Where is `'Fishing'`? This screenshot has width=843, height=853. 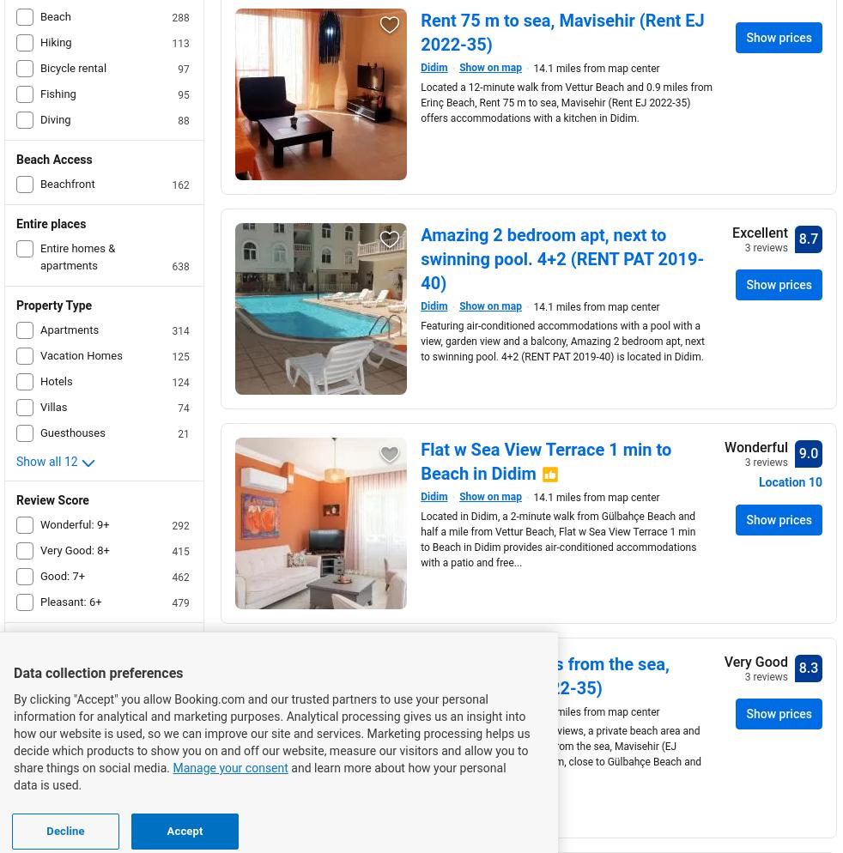 'Fishing' is located at coordinates (57, 93).